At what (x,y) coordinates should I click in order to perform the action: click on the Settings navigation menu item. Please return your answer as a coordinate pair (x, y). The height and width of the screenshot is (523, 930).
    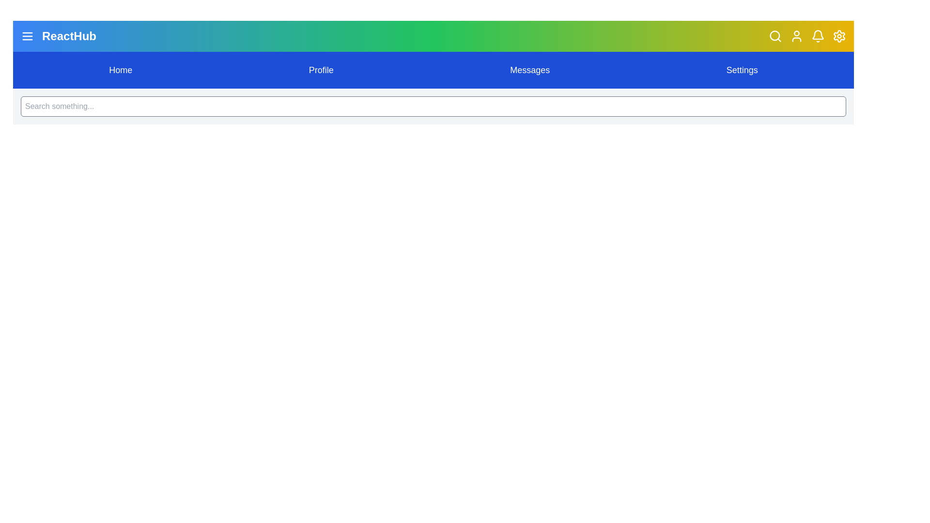
    Looking at the image, I should click on (741, 70).